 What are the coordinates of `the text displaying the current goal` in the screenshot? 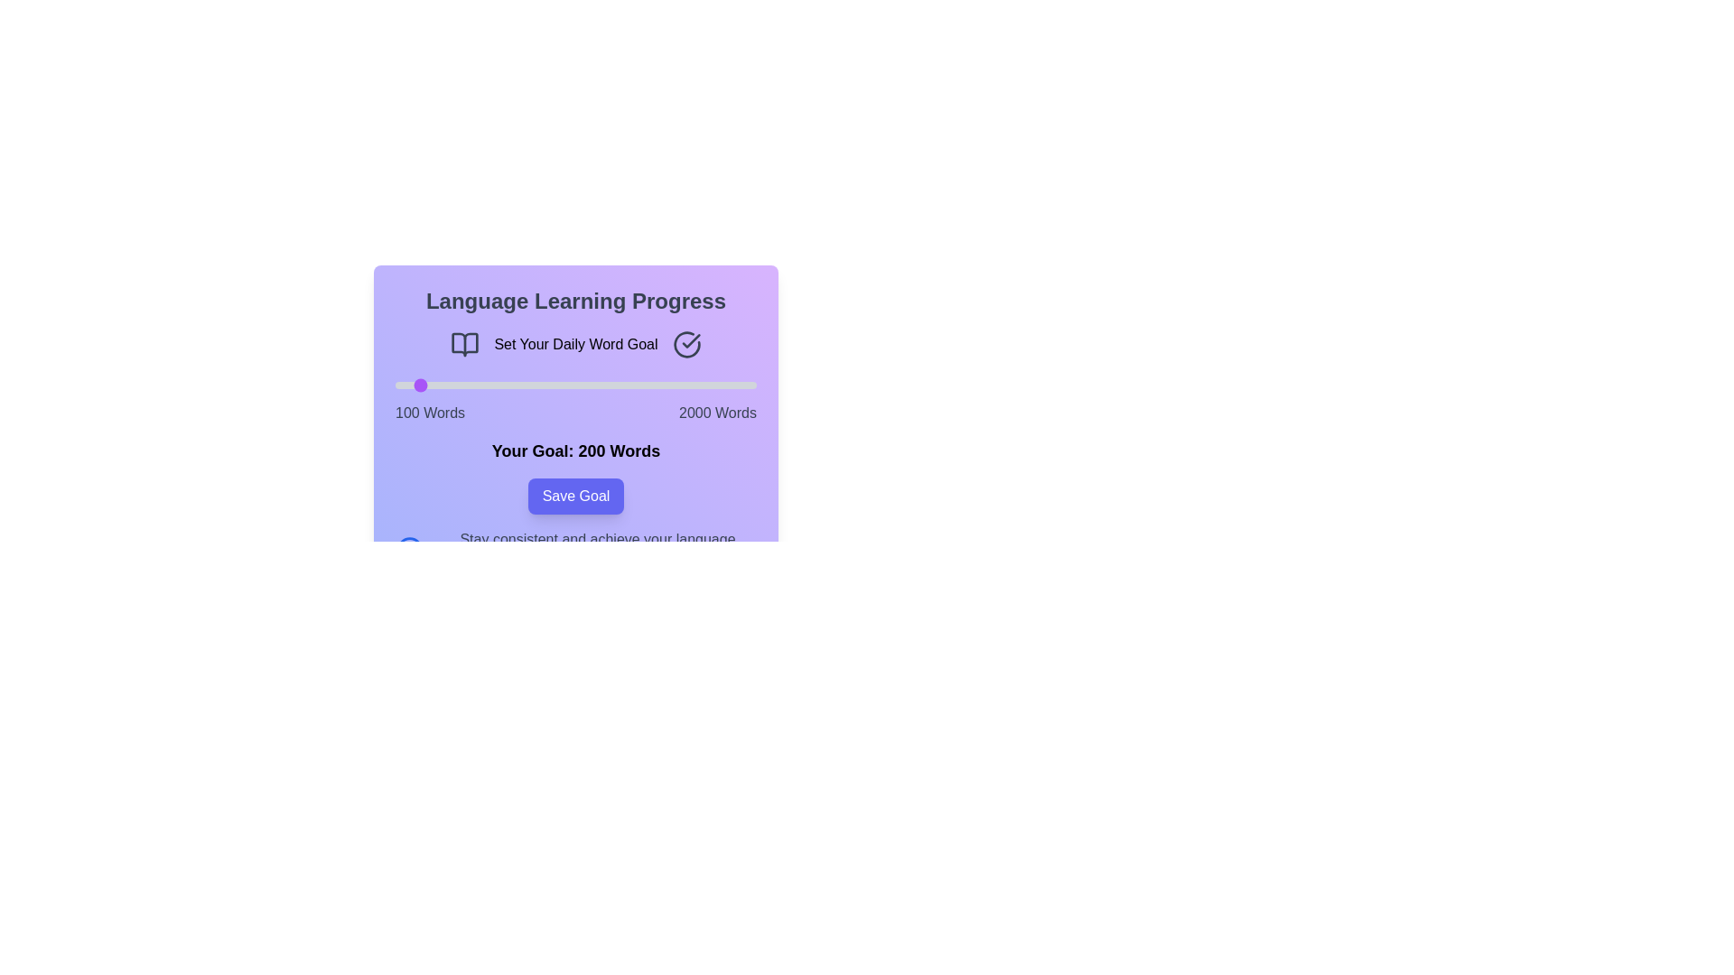 It's located at (575, 450).